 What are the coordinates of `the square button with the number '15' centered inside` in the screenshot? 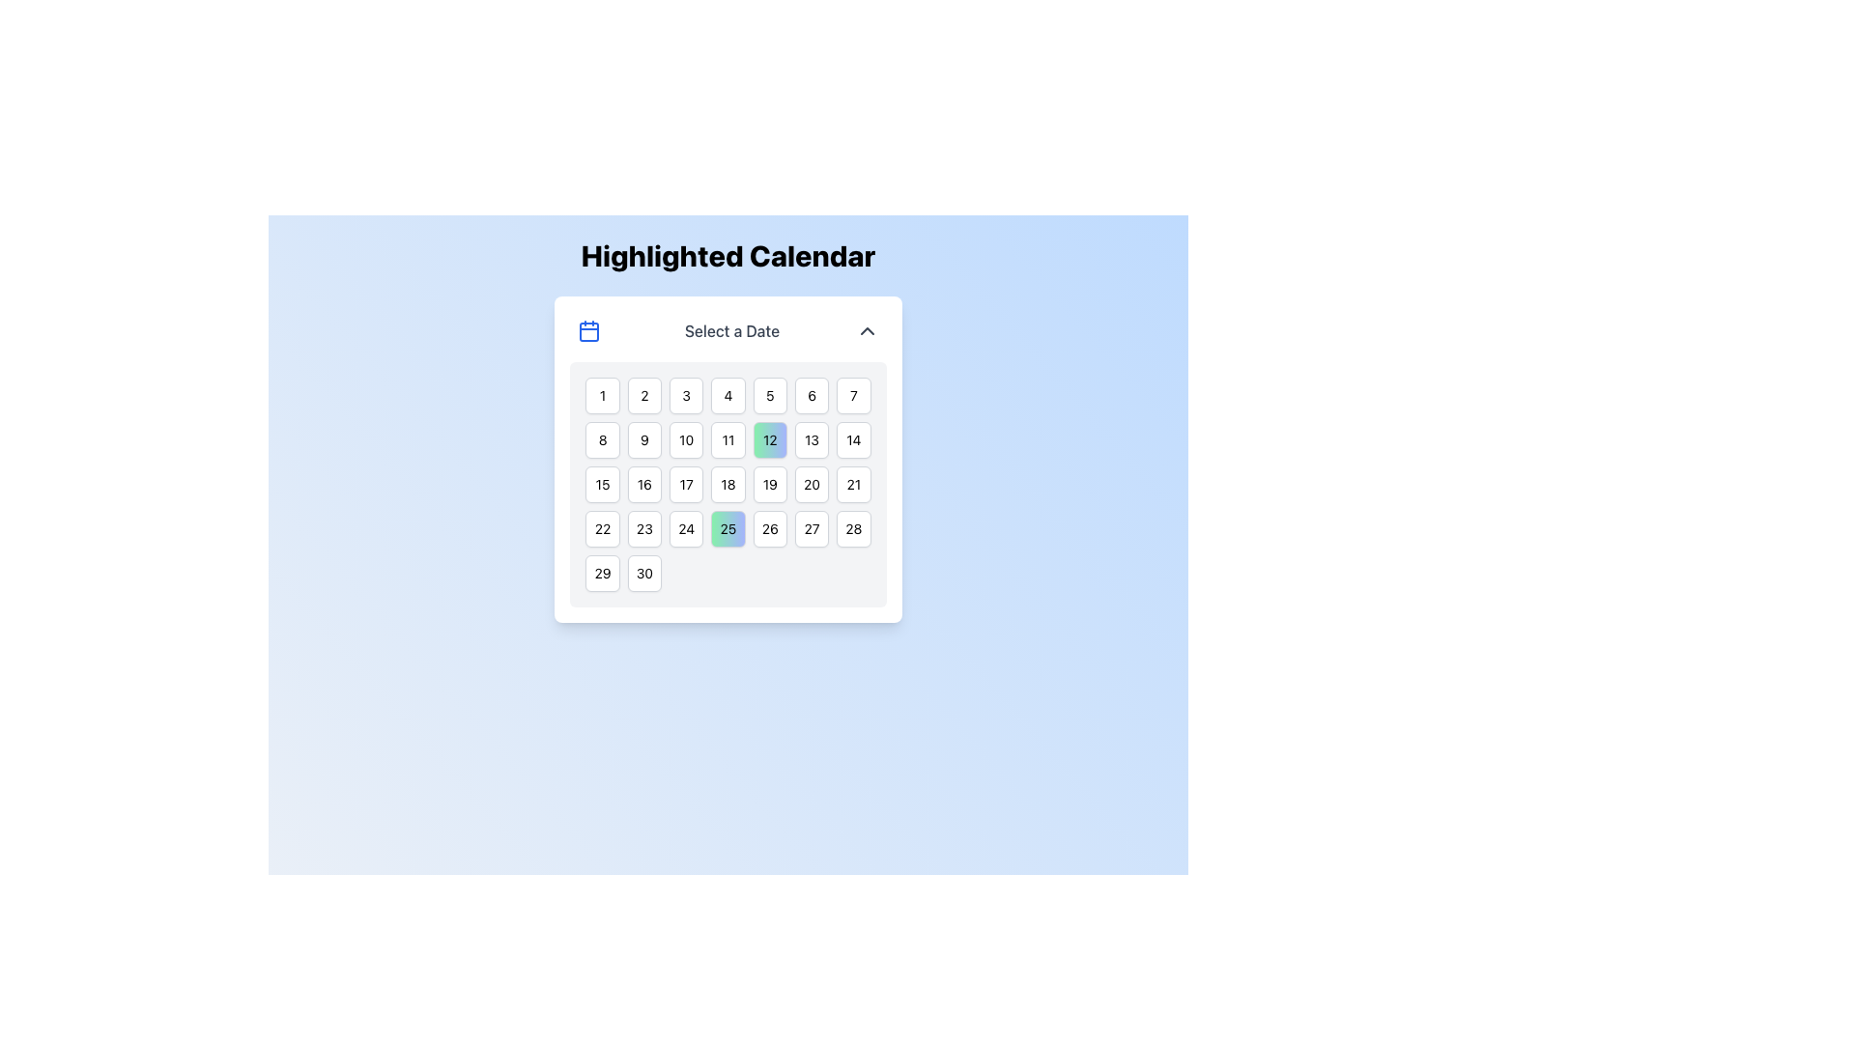 It's located at (602, 483).